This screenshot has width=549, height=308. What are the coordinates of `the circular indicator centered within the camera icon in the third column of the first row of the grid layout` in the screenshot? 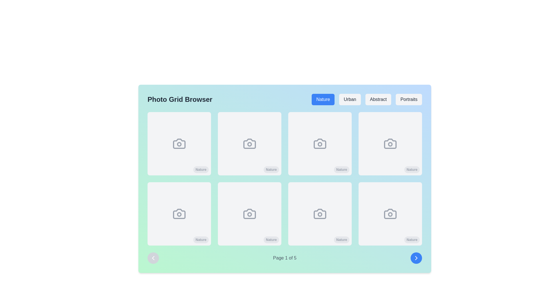 It's located at (319, 144).